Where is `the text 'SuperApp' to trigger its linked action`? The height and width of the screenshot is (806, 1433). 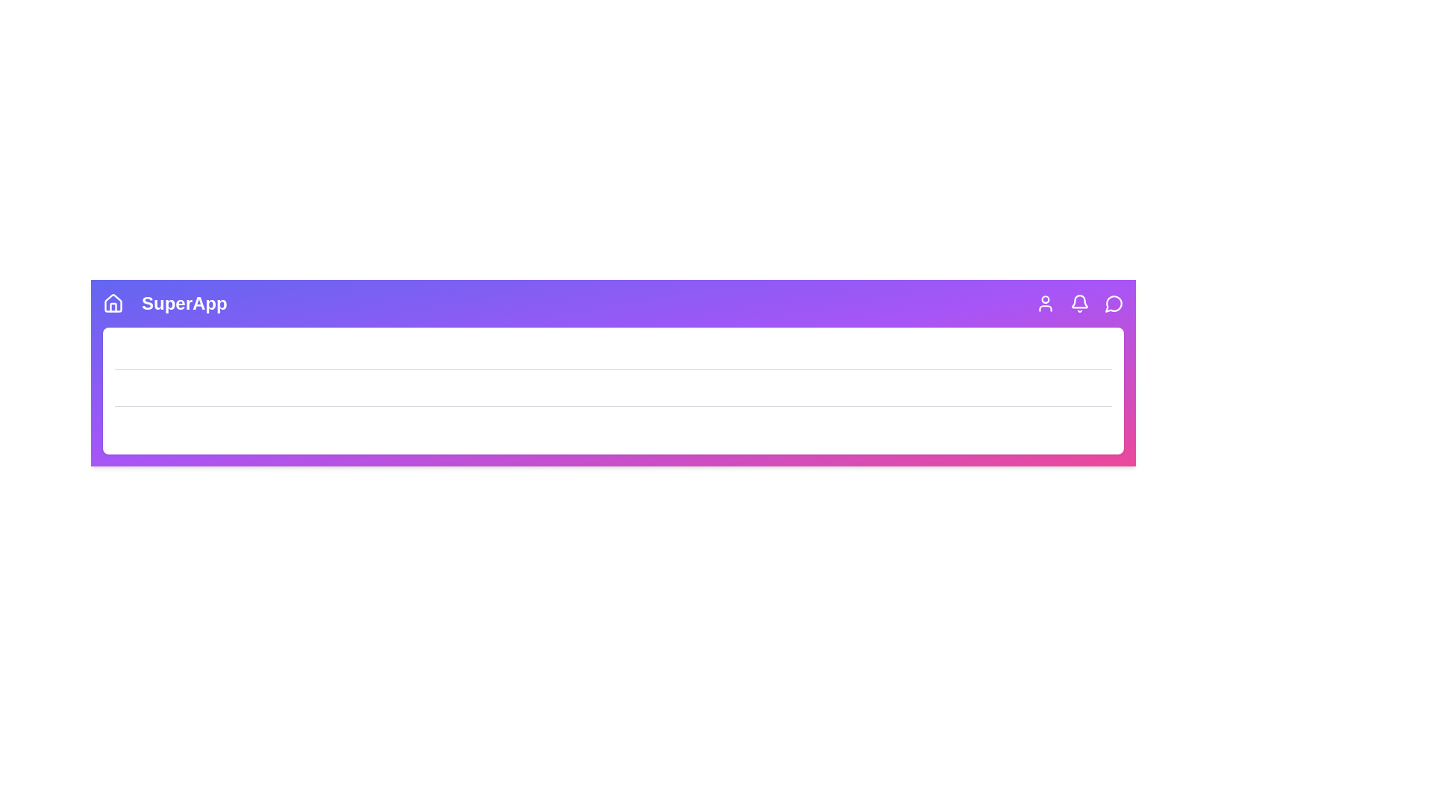 the text 'SuperApp' to trigger its linked action is located at coordinates (184, 303).